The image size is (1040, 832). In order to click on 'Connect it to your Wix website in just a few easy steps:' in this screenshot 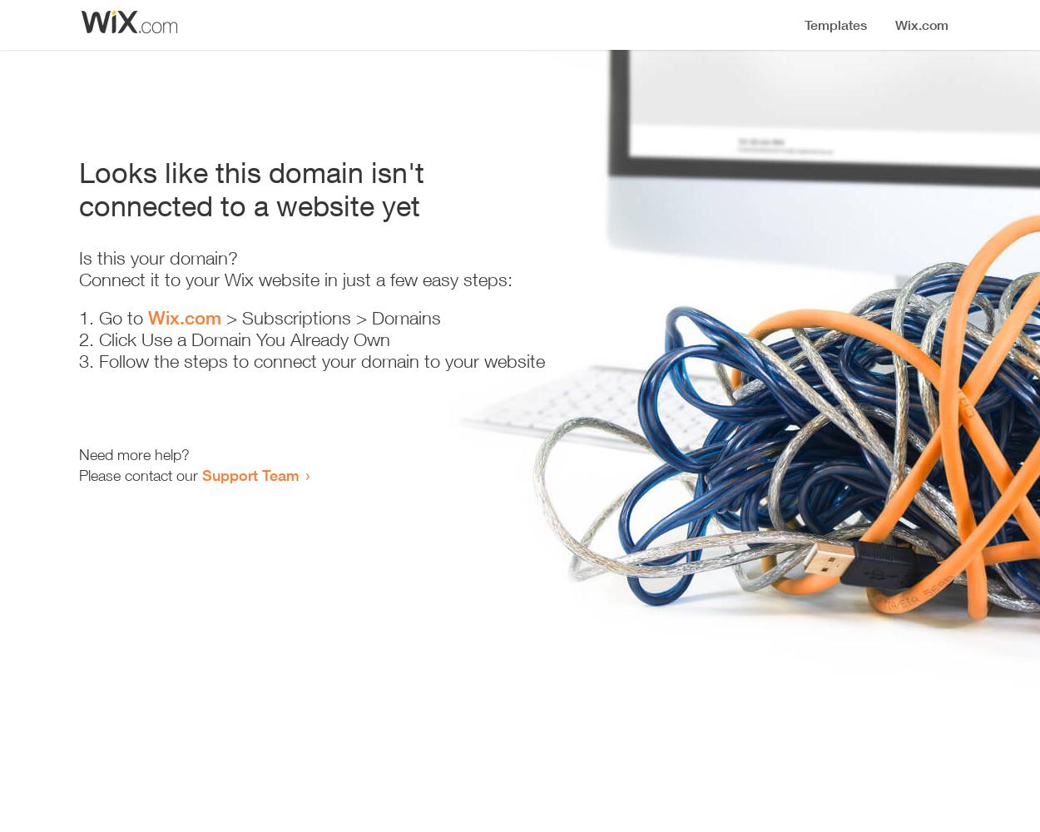, I will do `click(78, 279)`.